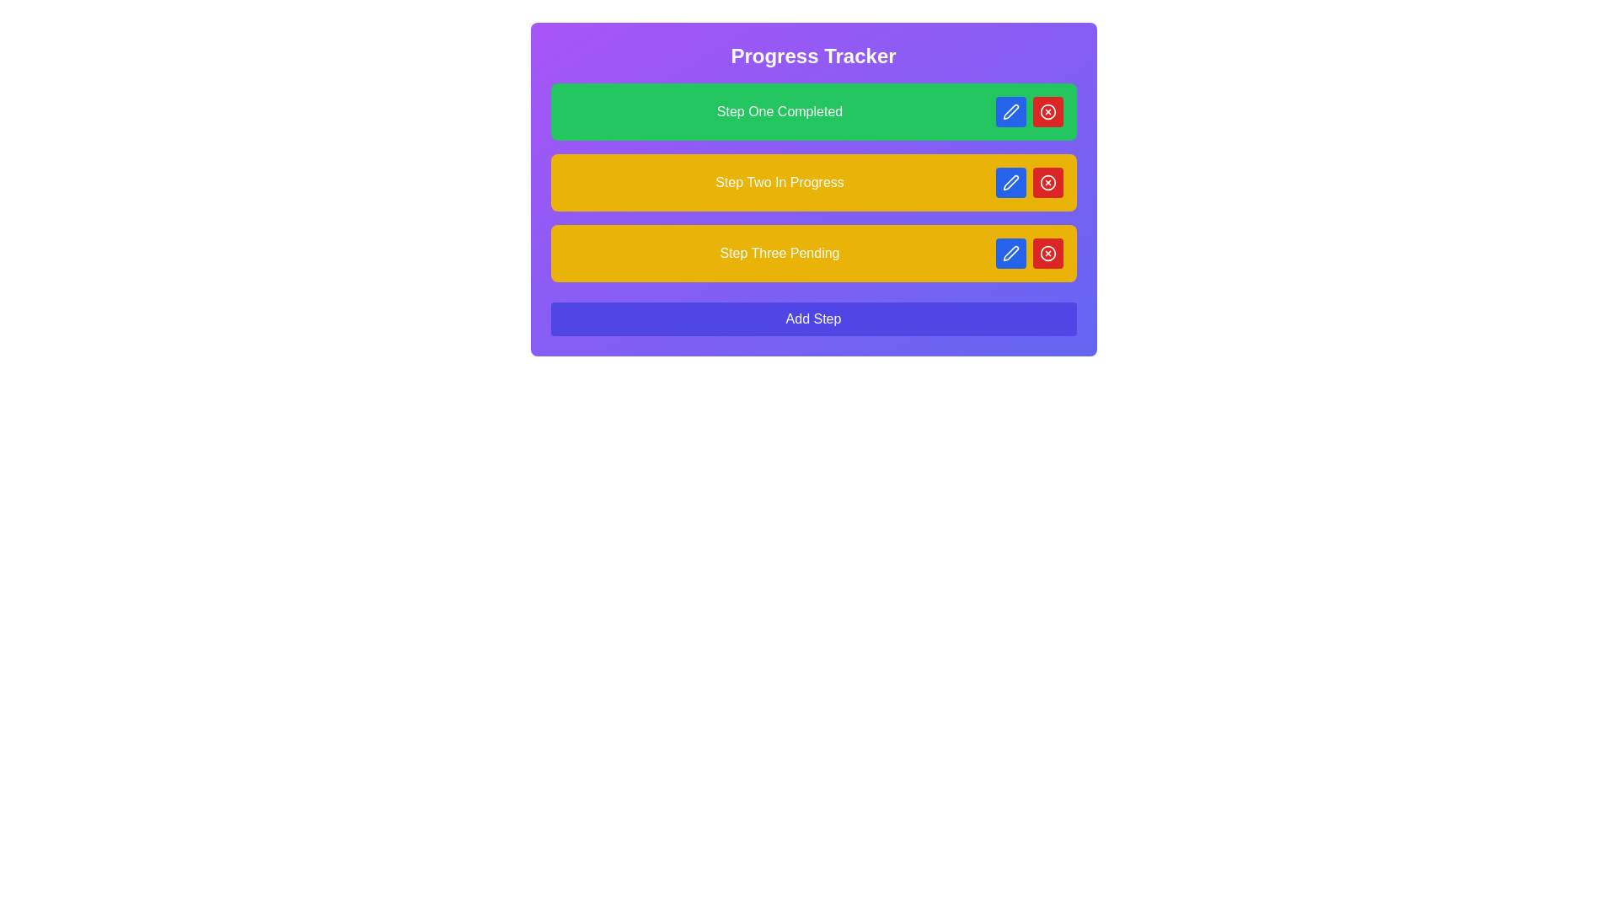 This screenshot has height=910, width=1618. I want to click on the text label that indicates the current status of the third step in the progress tracker, which displays 'Pending', so click(779, 253).